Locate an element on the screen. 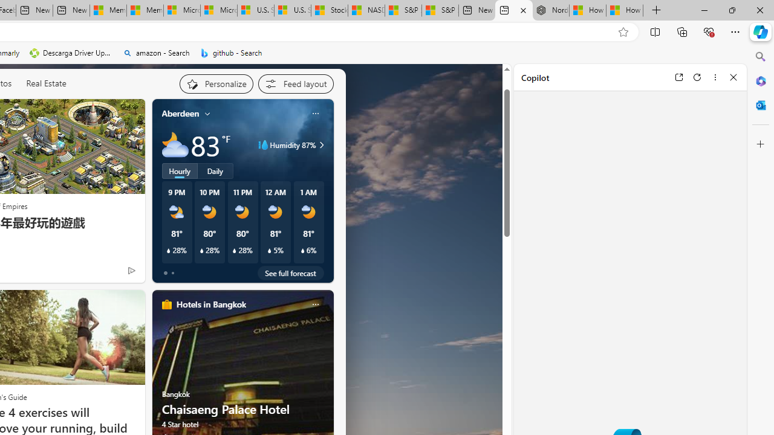 The height and width of the screenshot is (435, 774). 'tab-0' is located at coordinates (164, 273).